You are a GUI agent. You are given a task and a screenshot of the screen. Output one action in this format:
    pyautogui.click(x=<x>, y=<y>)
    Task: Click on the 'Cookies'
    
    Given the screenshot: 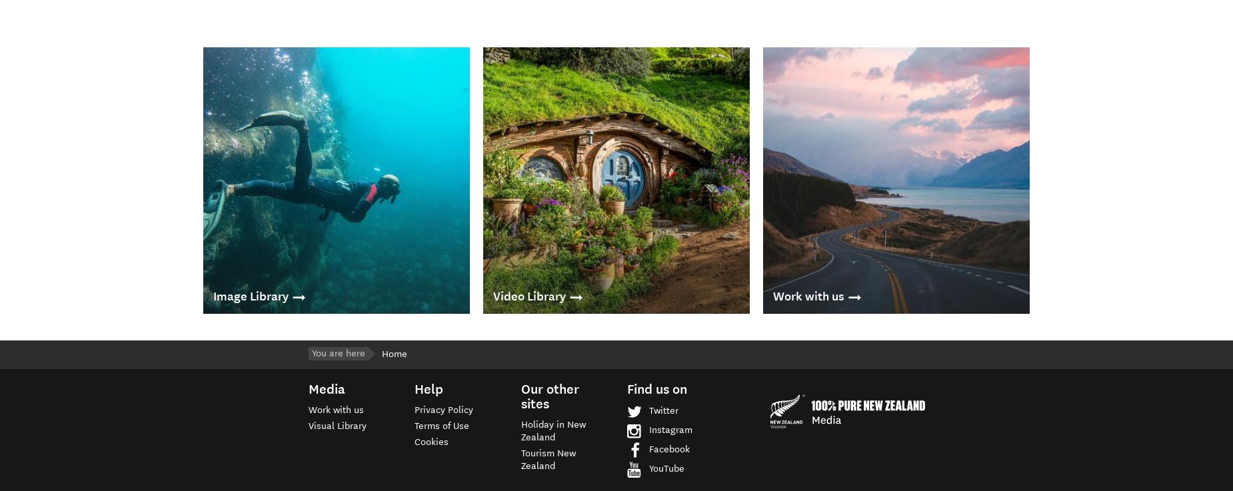 What is the action you would take?
    pyautogui.click(x=431, y=441)
    